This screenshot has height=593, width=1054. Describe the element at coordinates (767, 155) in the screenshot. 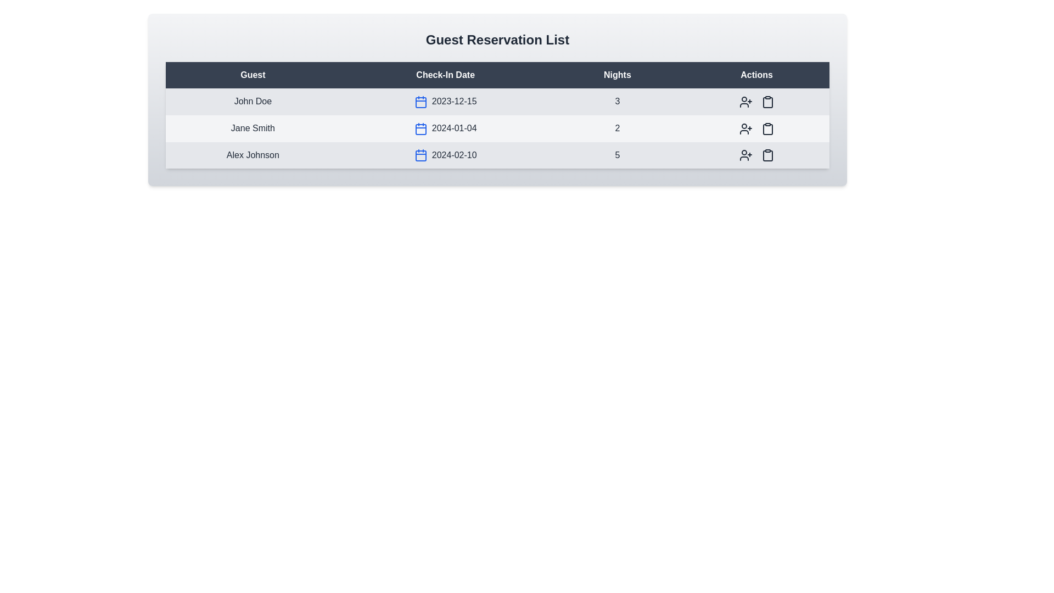

I see `the clipboard icon in the 'Actions' column of the last row` at that location.